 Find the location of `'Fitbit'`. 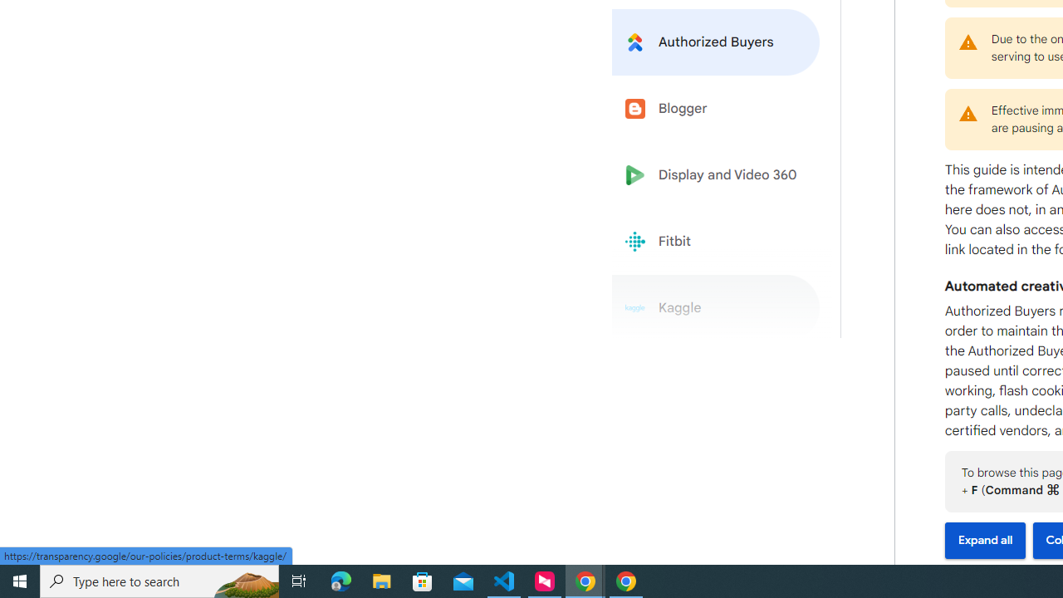

'Fitbit' is located at coordinates (716, 242).